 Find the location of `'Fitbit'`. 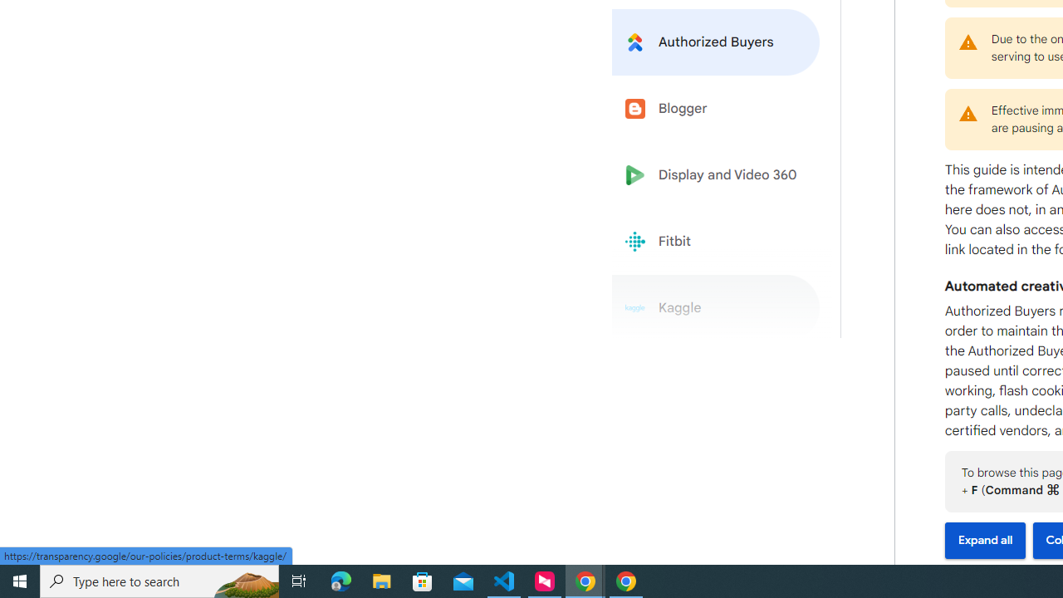

'Fitbit' is located at coordinates (716, 242).